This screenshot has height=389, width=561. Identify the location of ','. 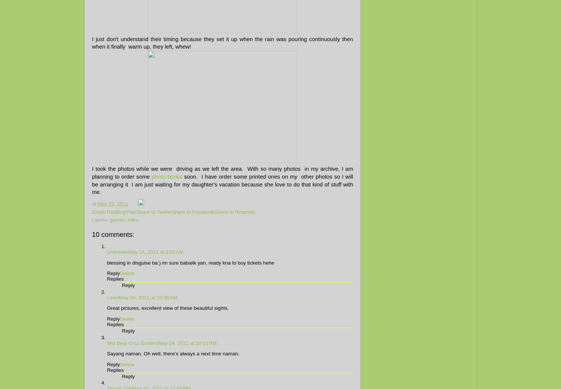
(124, 220).